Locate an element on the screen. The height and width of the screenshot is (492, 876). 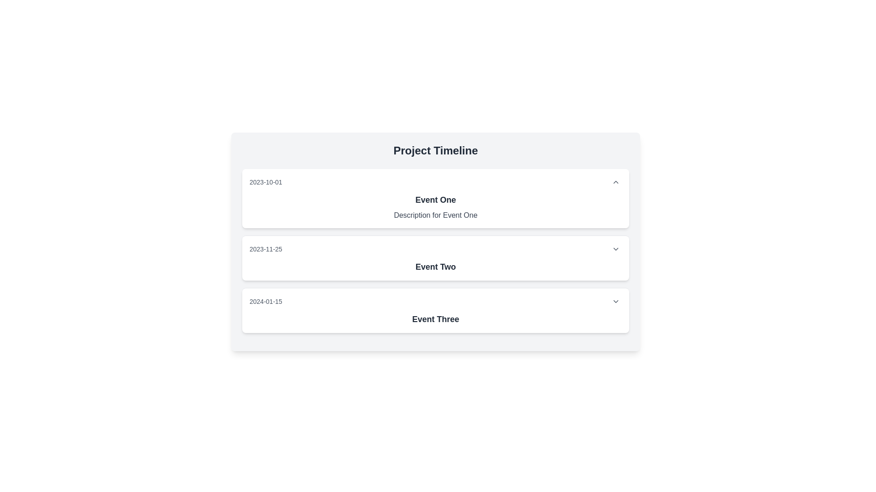
the upward pointing chevron icon located in the top right corner of the section labeled '2023-10-01' for 'Event One' is located at coordinates (615, 182).